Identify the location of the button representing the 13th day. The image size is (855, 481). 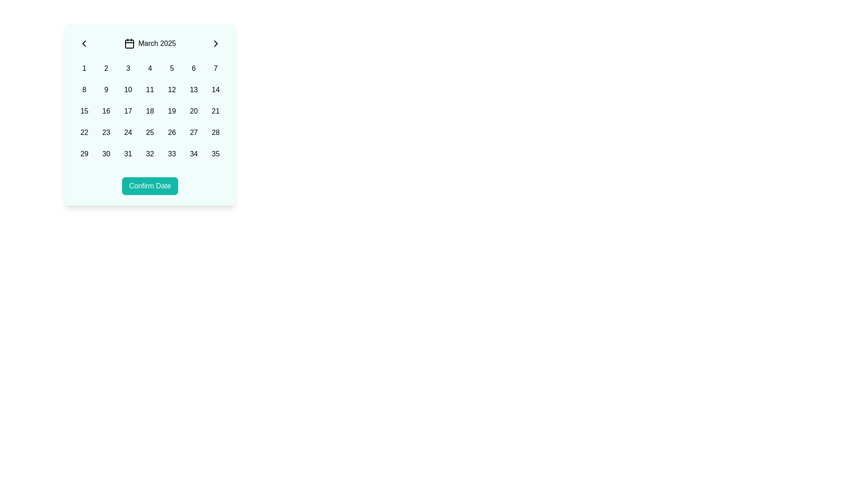
(193, 90).